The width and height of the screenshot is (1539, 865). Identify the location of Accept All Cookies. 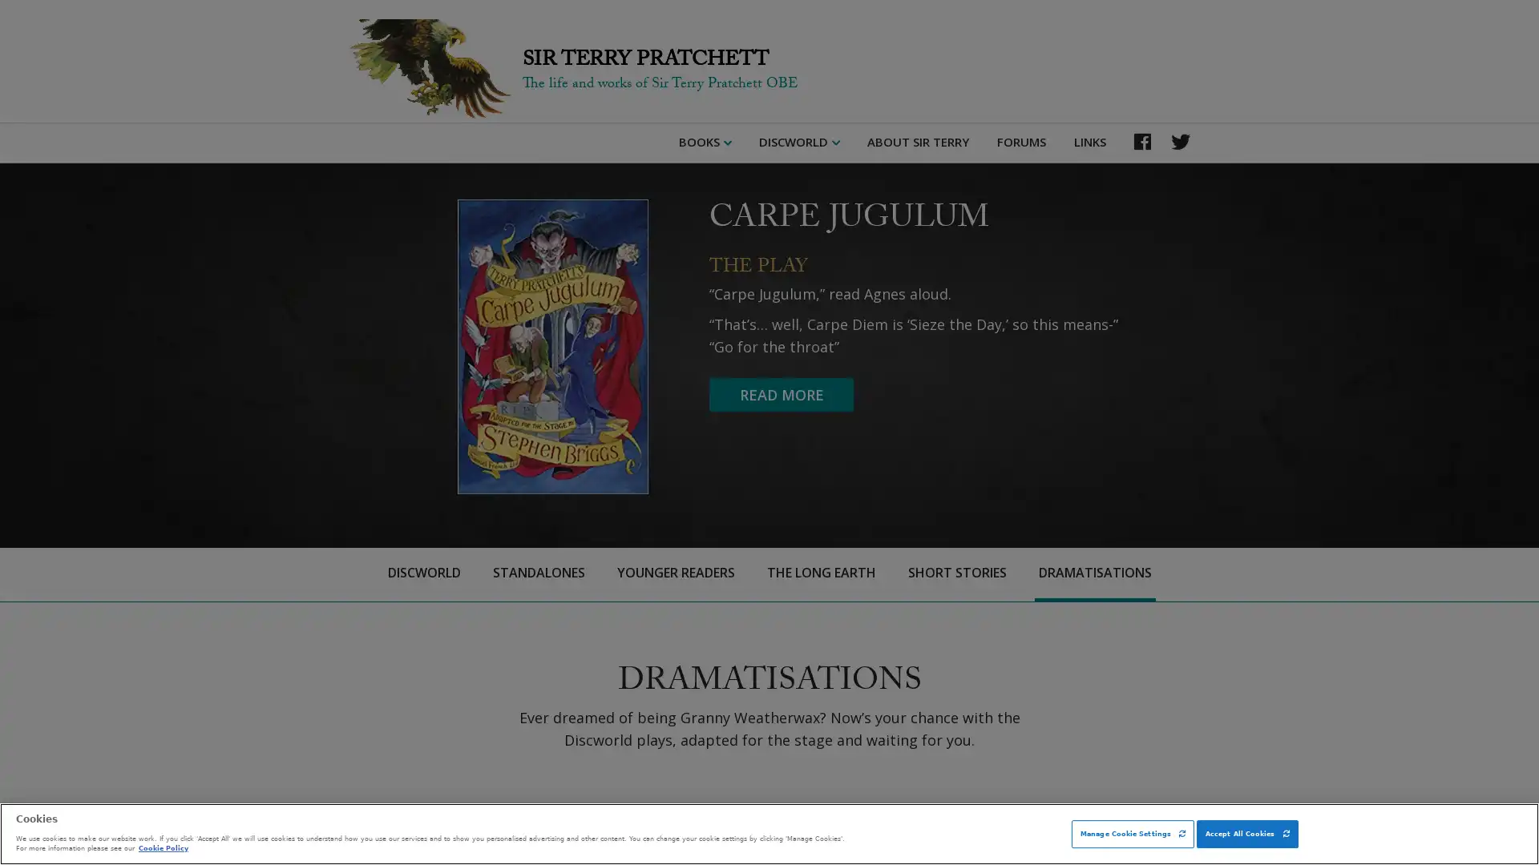
(1246, 833).